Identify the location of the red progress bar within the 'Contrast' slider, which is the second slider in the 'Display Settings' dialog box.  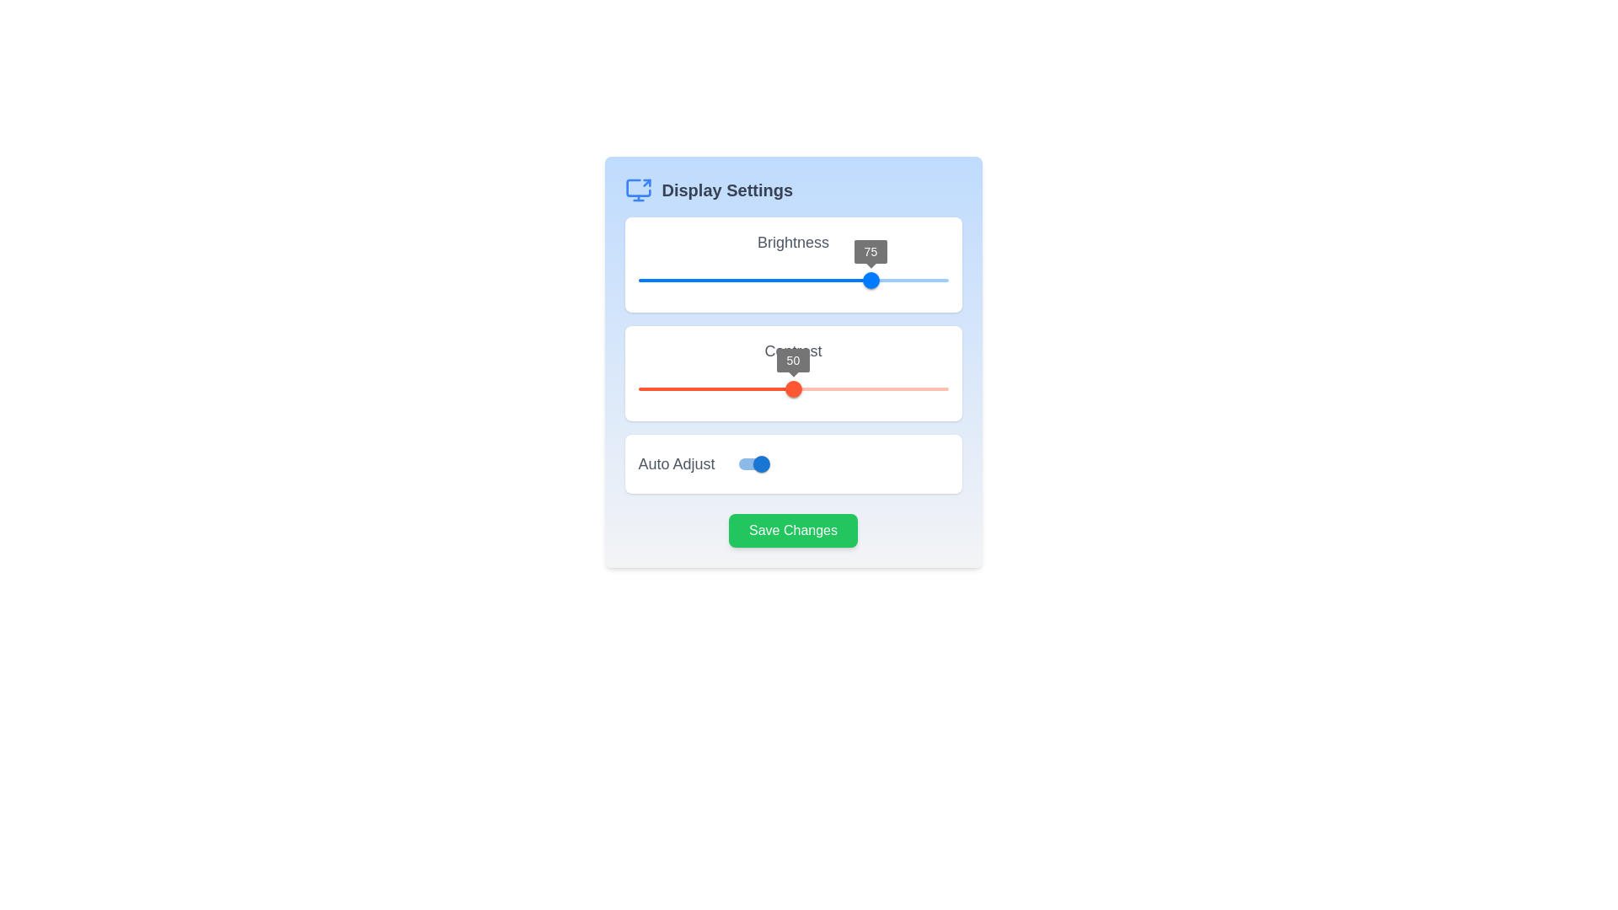
(715, 389).